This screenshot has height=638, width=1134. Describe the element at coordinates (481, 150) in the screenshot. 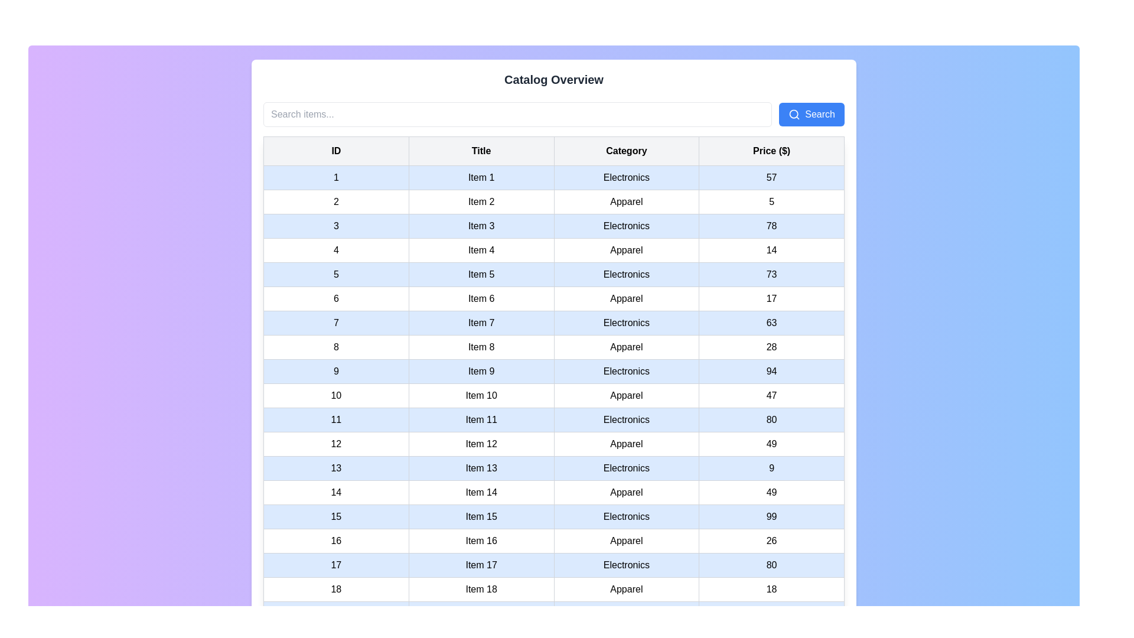

I see `the text label displaying 'Title', which is styled with padding and a border, located in the second column of the header row of a table` at that location.